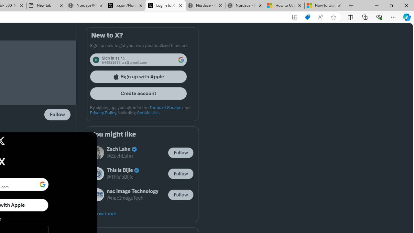 Image resolution: width=414 pixels, height=233 pixels. I want to click on 'Log in to X / X', so click(166, 6).